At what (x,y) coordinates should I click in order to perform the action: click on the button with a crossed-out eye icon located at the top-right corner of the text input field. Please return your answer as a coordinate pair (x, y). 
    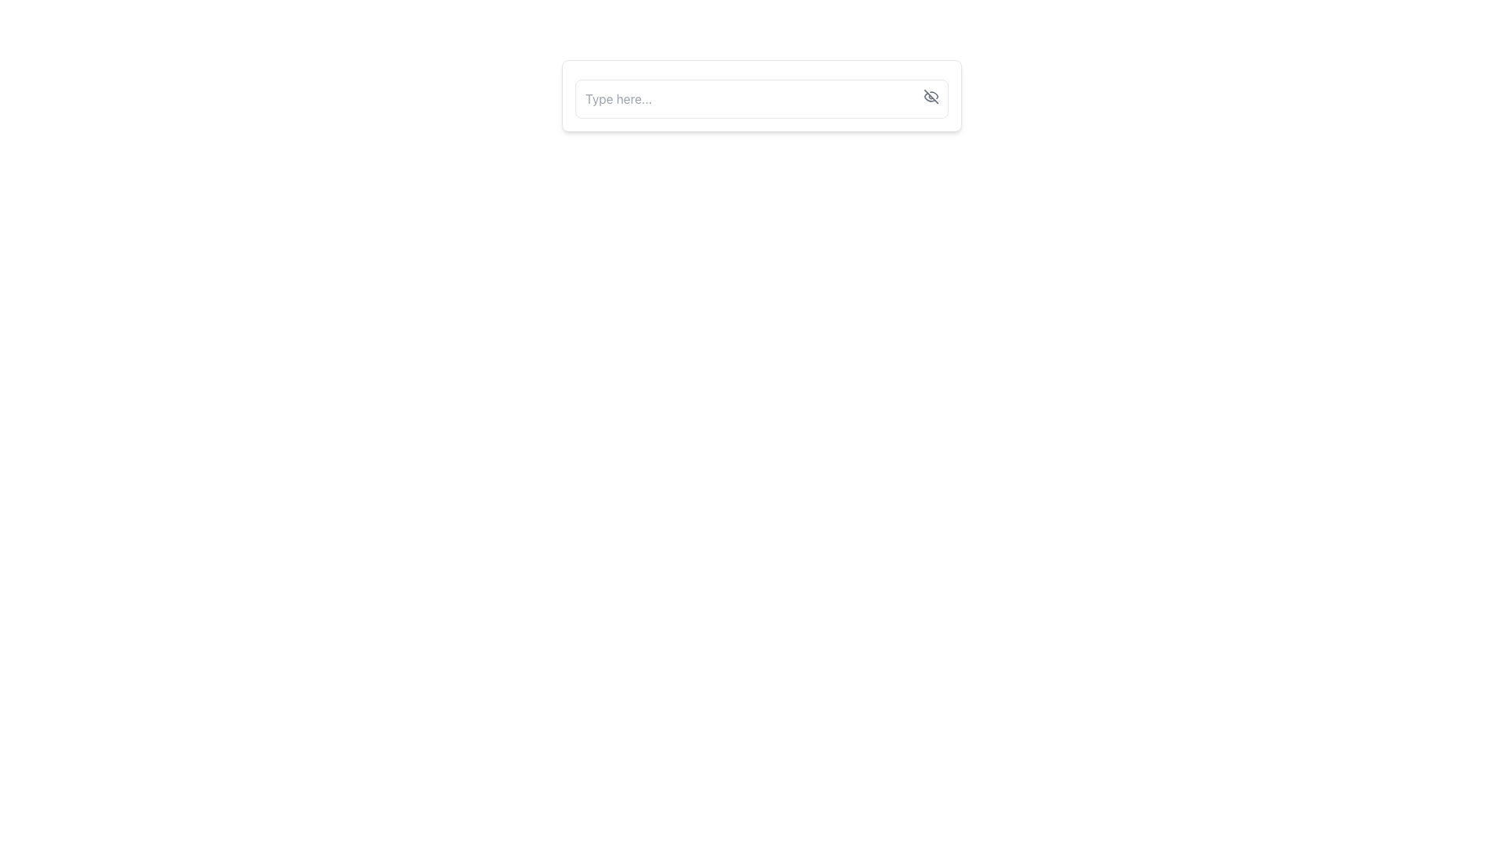
    Looking at the image, I should click on (931, 96).